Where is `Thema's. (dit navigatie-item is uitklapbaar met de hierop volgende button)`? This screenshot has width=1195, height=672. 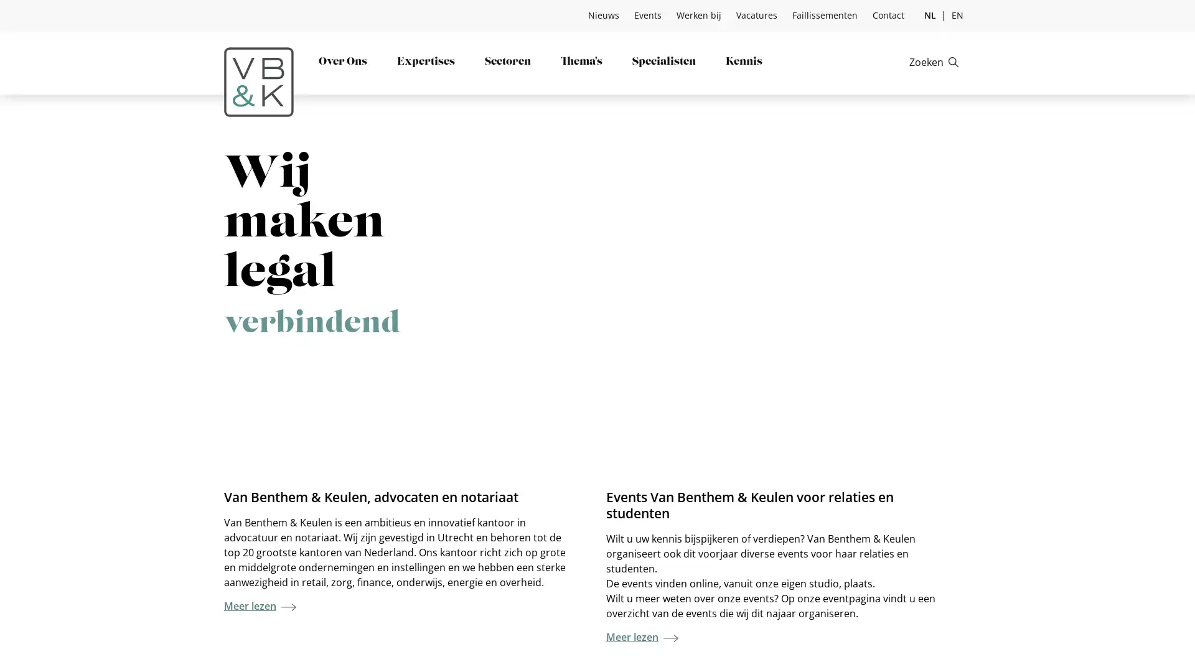
Thema's. (dit navigatie-item is uitklapbaar met de hierop volgende button) is located at coordinates (581, 62).